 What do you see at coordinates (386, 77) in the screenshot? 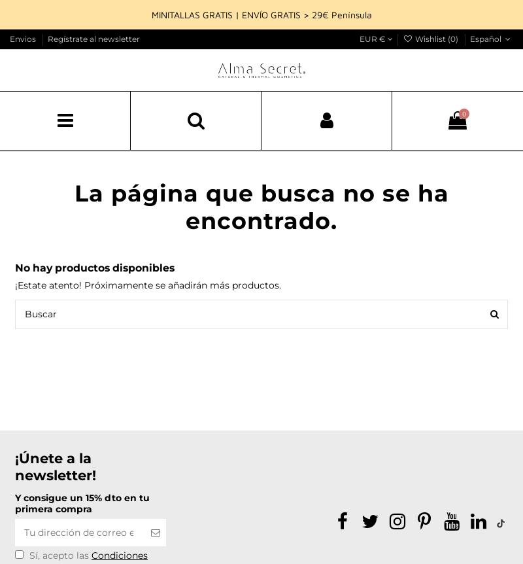
I see `'Apoyo financiero de la Unión Europea: 28.988,64 € (Apoyo total de 36.235,8 €)'` at bounding box center [386, 77].